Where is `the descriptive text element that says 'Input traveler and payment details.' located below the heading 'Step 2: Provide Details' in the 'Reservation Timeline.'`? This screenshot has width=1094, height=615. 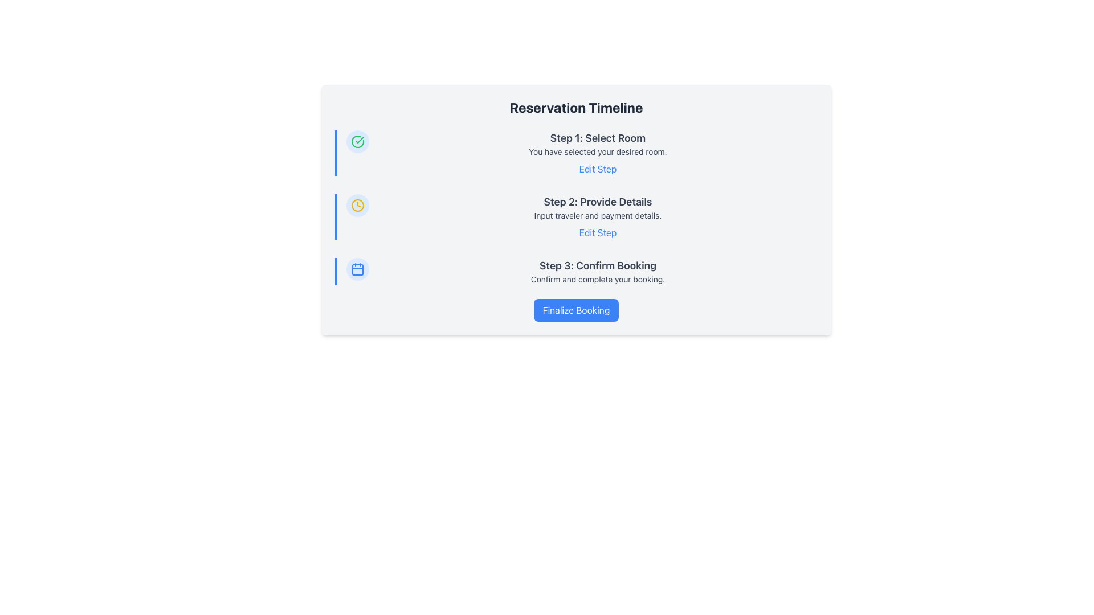 the descriptive text element that says 'Input traveler and payment details.' located below the heading 'Step 2: Provide Details' in the 'Reservation Timeline.' is located at coordinates (597, 215).